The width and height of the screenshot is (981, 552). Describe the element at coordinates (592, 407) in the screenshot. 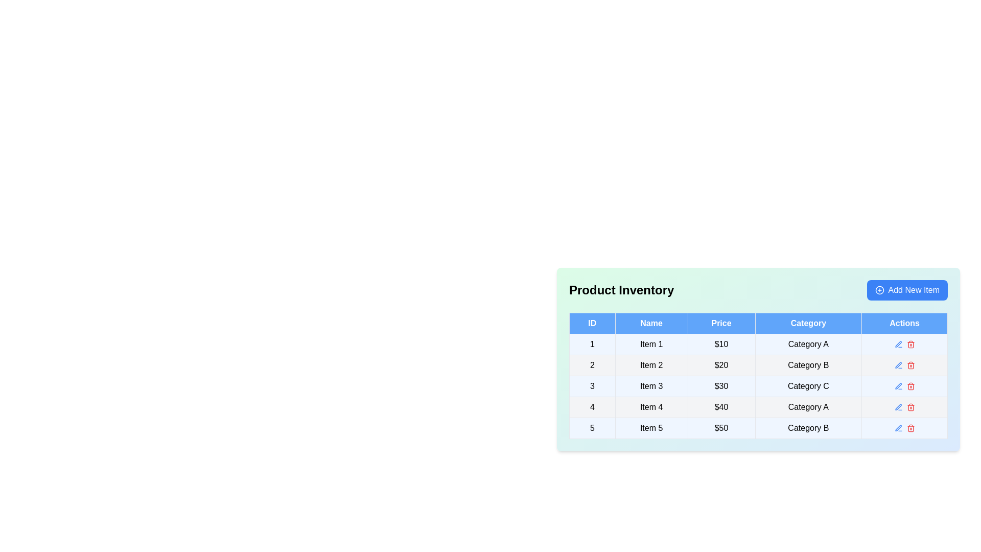

I see `text displayed in the Text cell for 'Item 4' located in the first column of the fourth row of the 'Product Inventory' table` at that location.